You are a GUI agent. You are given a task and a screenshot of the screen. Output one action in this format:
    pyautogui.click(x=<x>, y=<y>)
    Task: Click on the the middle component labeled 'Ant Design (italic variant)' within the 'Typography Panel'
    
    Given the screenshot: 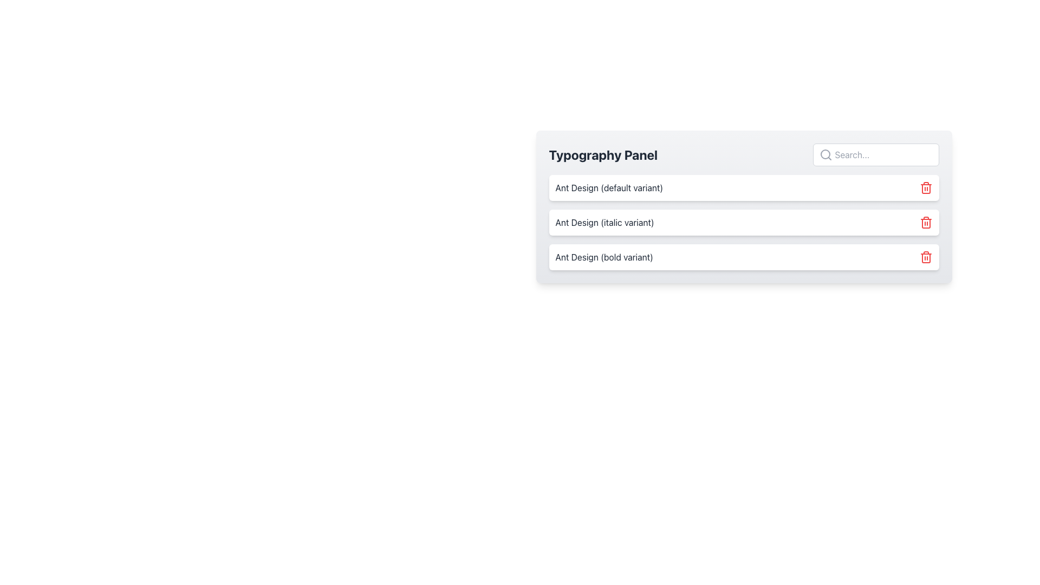 What is the action you would take?
    pyautogui.click(x=743, y=222)
    